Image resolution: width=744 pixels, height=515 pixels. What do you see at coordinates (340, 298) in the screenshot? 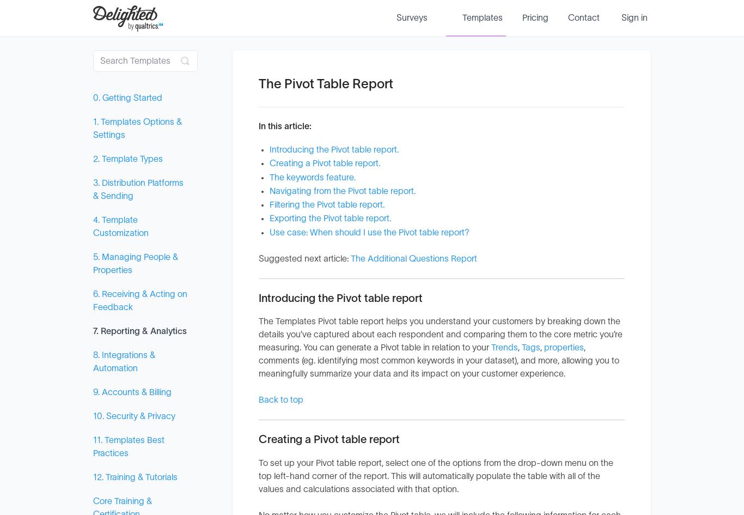
I see `'Introducing the Pivot table report'` at bounding box center [340, 298].